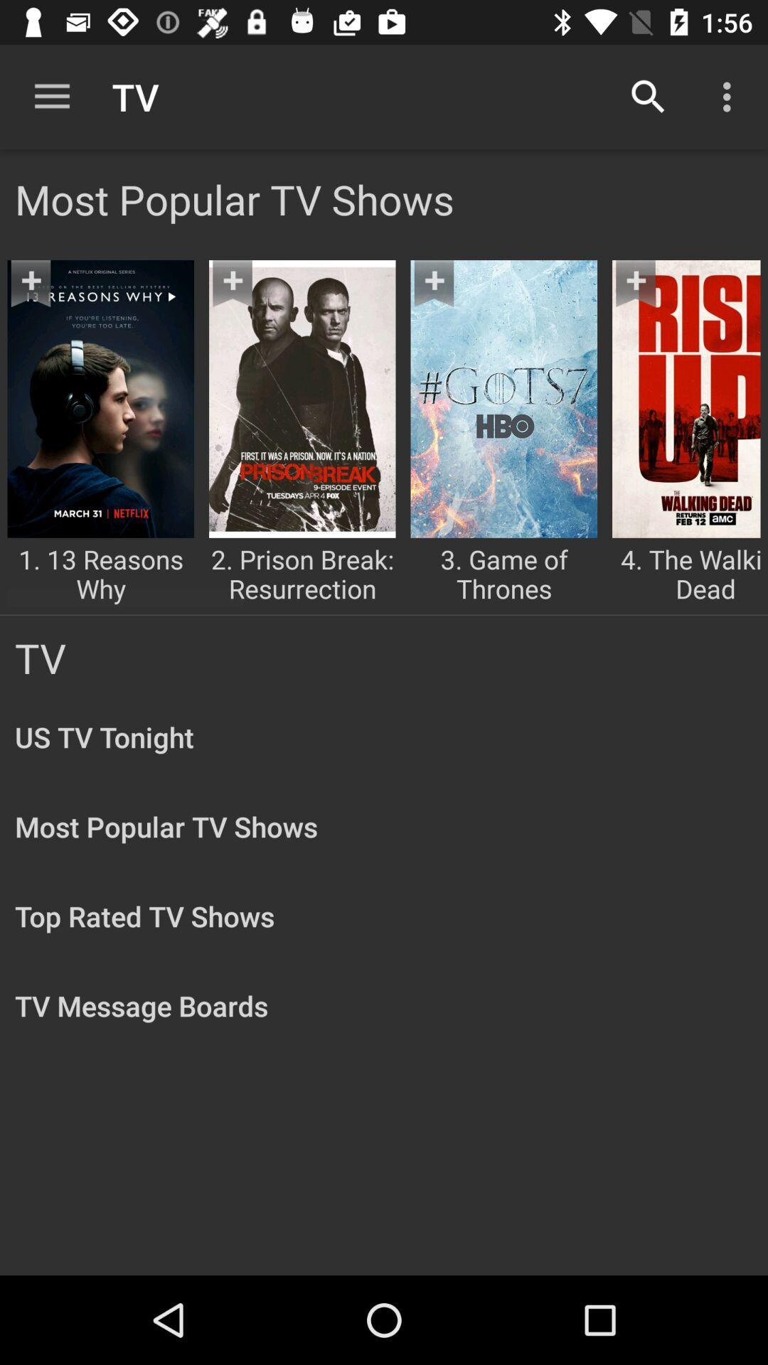 The height and width of the screenshot is (1365, 768). What do you see at coordinates (51, 96) in the screenshot?
I see `the icon to the left of the tv` at bounding box center [51, 96].